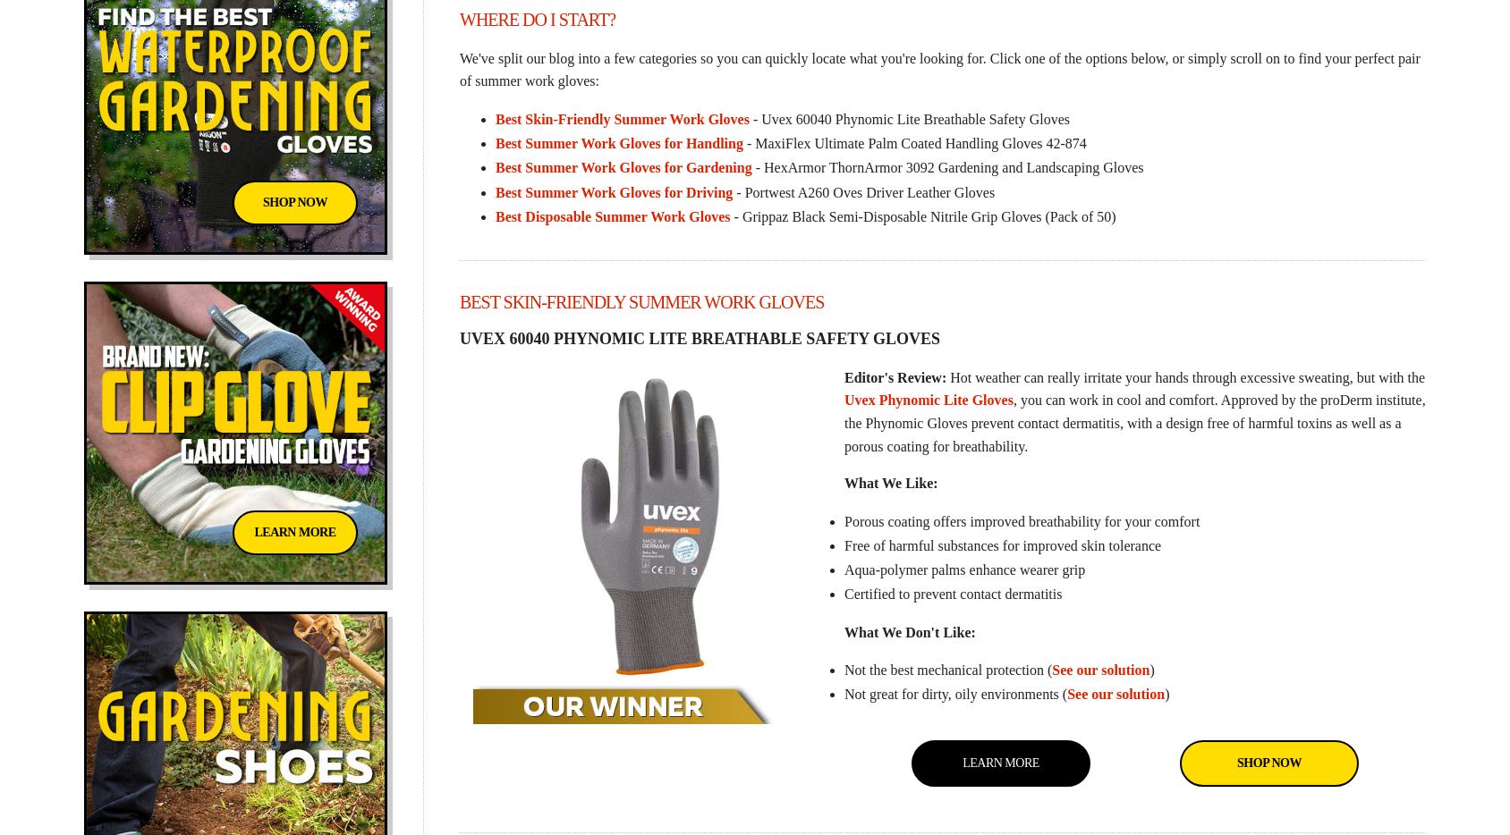 This screenshot has height=835, width=1510. Describe the element at coordinates (863, 190) in the screenshot. I see `'- Portwest A260 Oves Driver Leather Gloves'` at that location.